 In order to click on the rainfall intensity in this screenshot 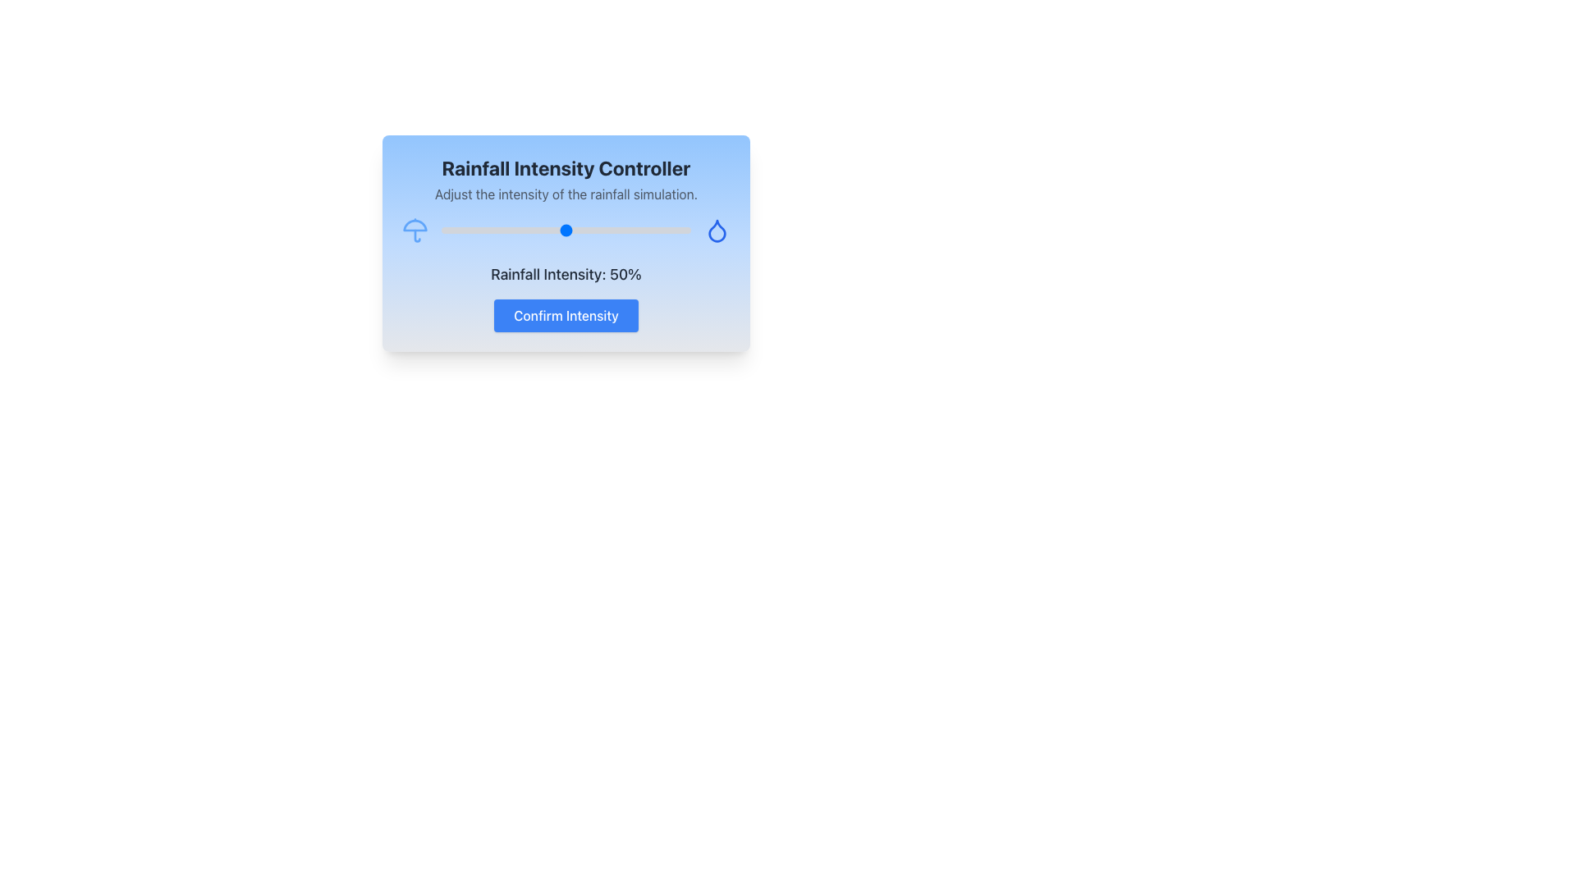, I will do `click(643, 231)`.